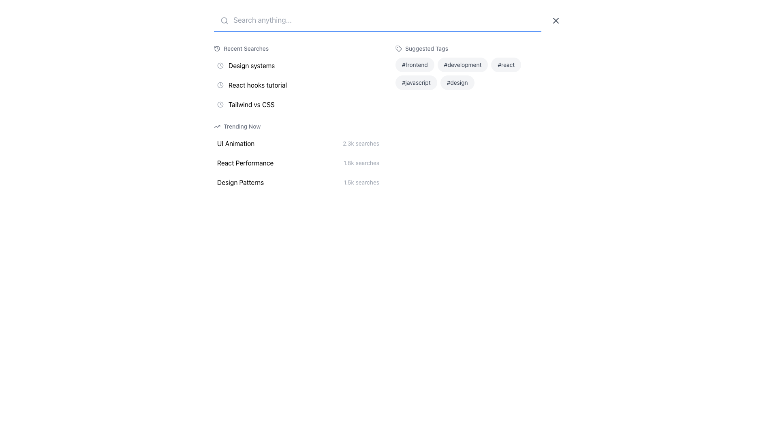 The width and height of the screenshot is (778, 438). I want to click on the 'React Performance' button in the 'Trending Now' list to activate the hover effect, so click(297, 163).